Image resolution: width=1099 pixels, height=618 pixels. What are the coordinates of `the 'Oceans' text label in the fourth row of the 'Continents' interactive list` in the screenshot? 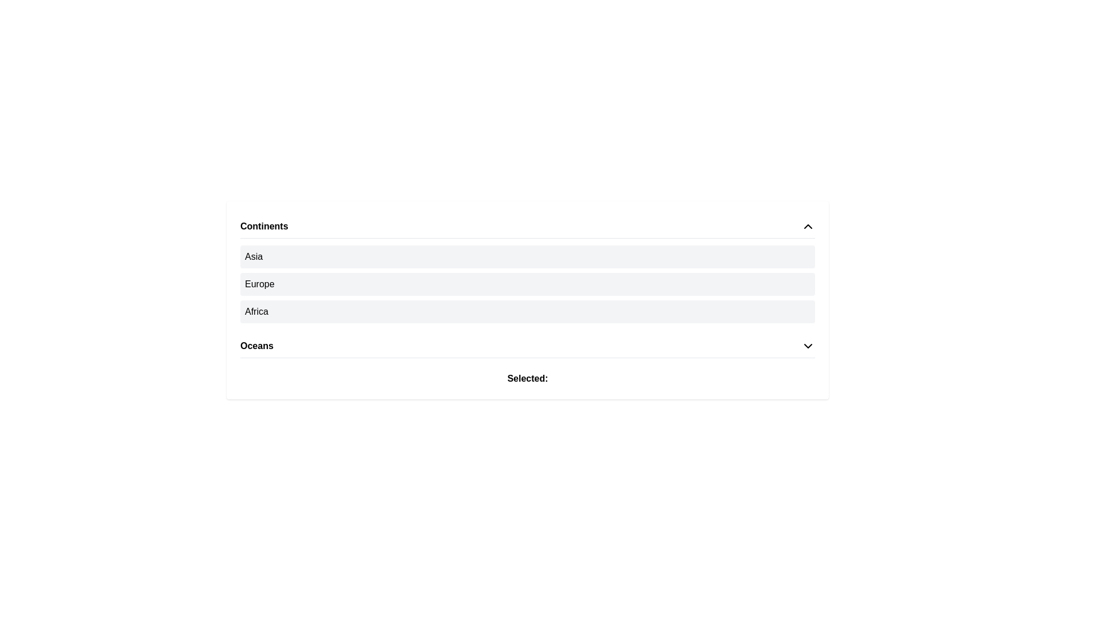 It's located at (256, 346).